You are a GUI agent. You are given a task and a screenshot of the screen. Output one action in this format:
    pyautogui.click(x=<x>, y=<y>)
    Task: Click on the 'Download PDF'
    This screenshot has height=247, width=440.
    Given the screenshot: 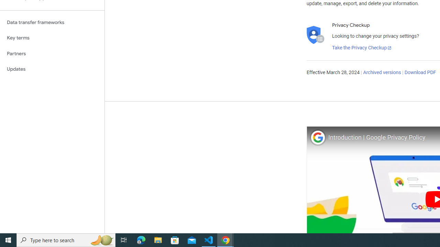 What is the action you would take?
    pyautogui.click(x=420, y=73)
    